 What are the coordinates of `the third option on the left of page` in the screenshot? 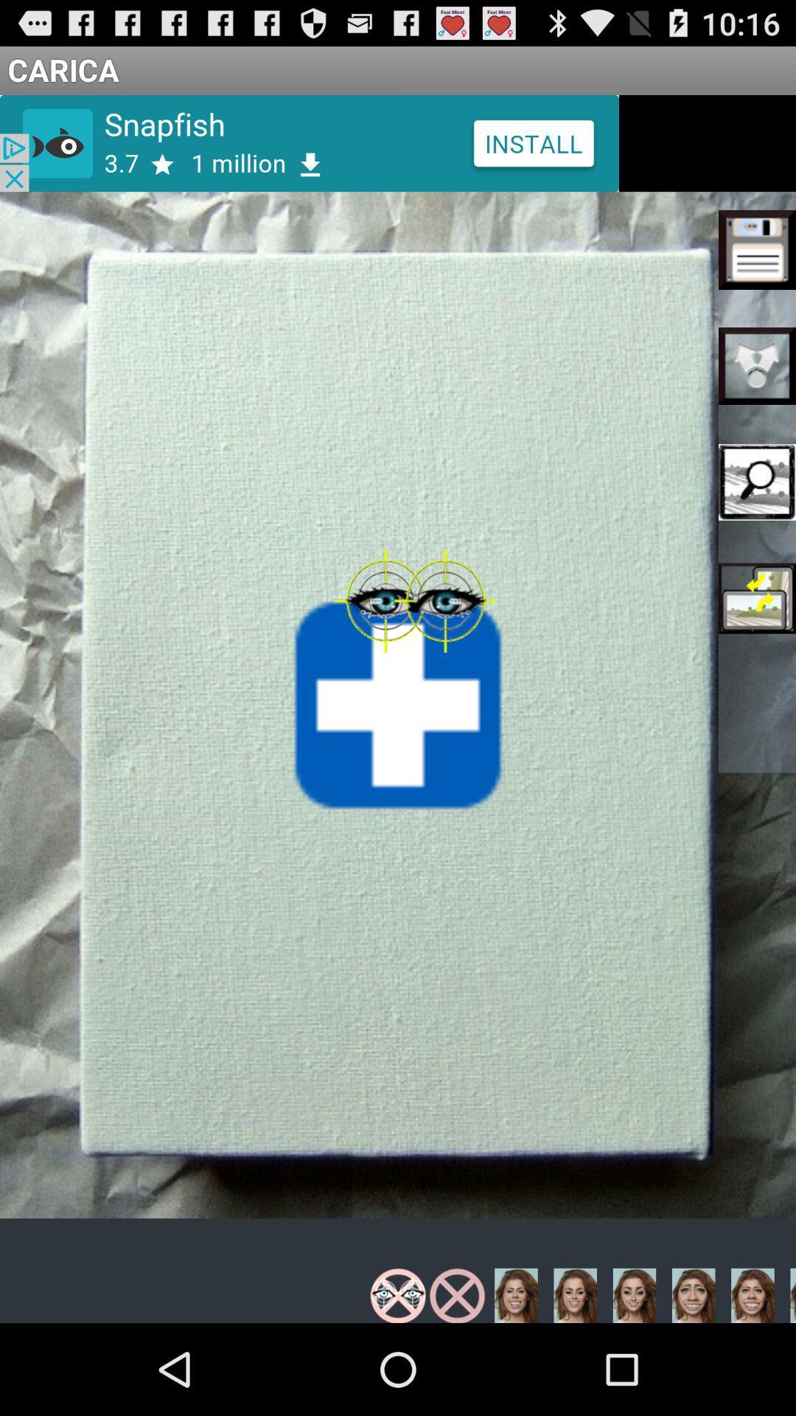 It's located at (757, 482).